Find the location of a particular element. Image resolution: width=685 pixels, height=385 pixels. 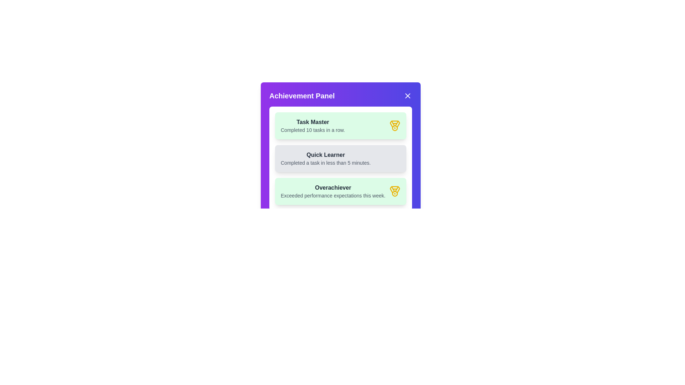

the Display card that has a green background, contains the text 'Overachiever' and a yellow medal icon, positioned at the bottom of the card list is located at coordinates (340, 191).